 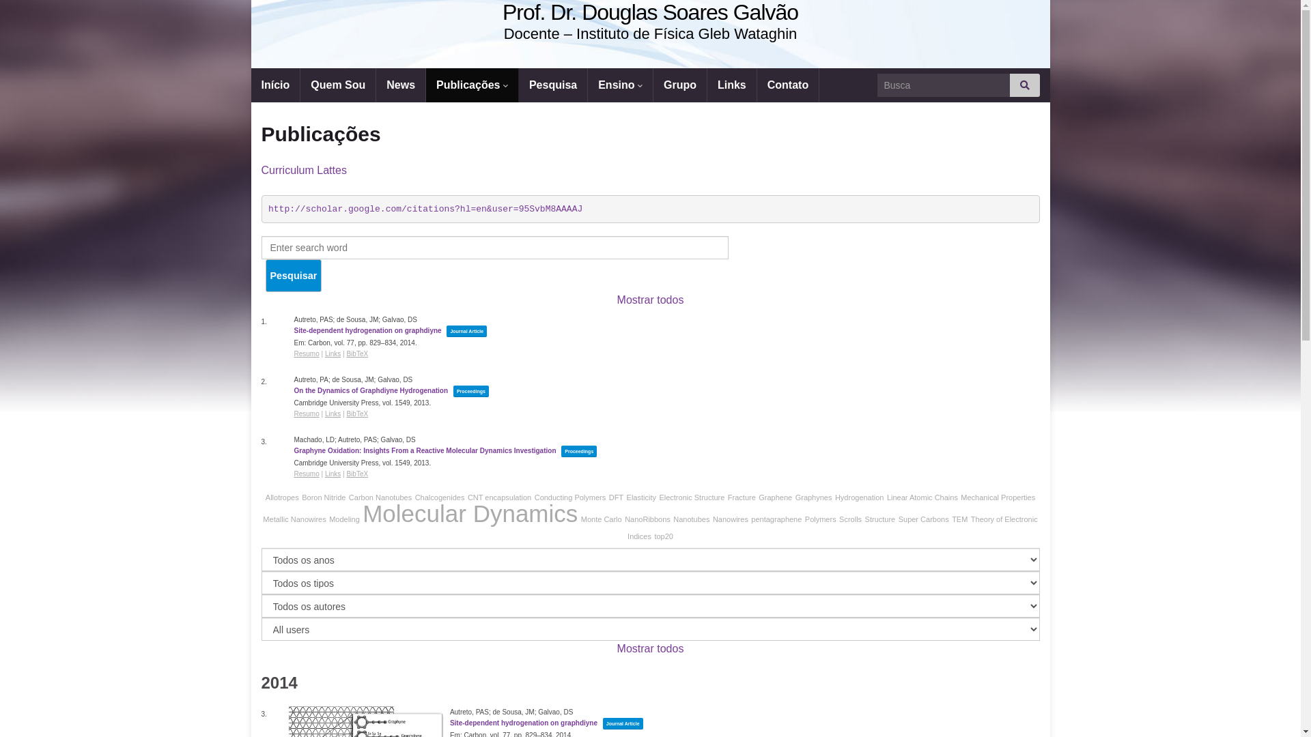 I want to click on 'Molecular Dynamics', so click(x=470, y=513).